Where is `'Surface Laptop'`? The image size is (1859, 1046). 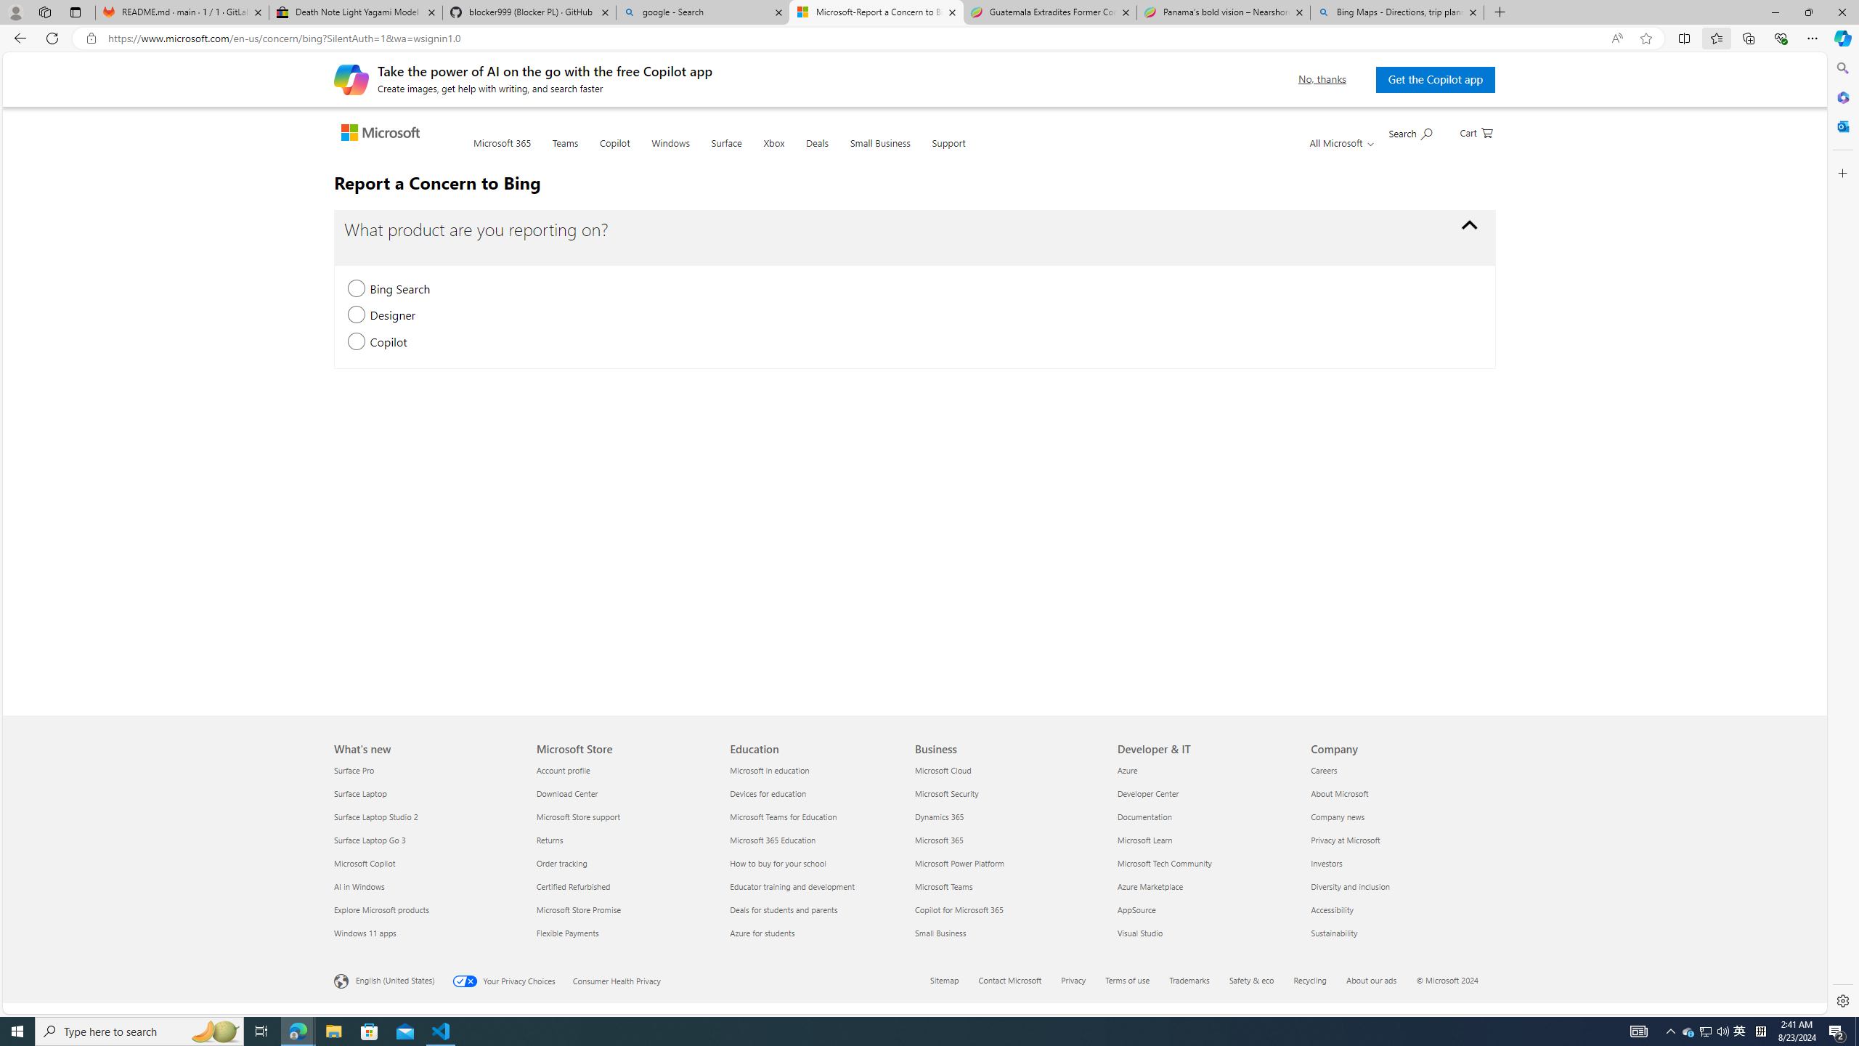
'Surface Laptop' is located at coordinates (426, 792).